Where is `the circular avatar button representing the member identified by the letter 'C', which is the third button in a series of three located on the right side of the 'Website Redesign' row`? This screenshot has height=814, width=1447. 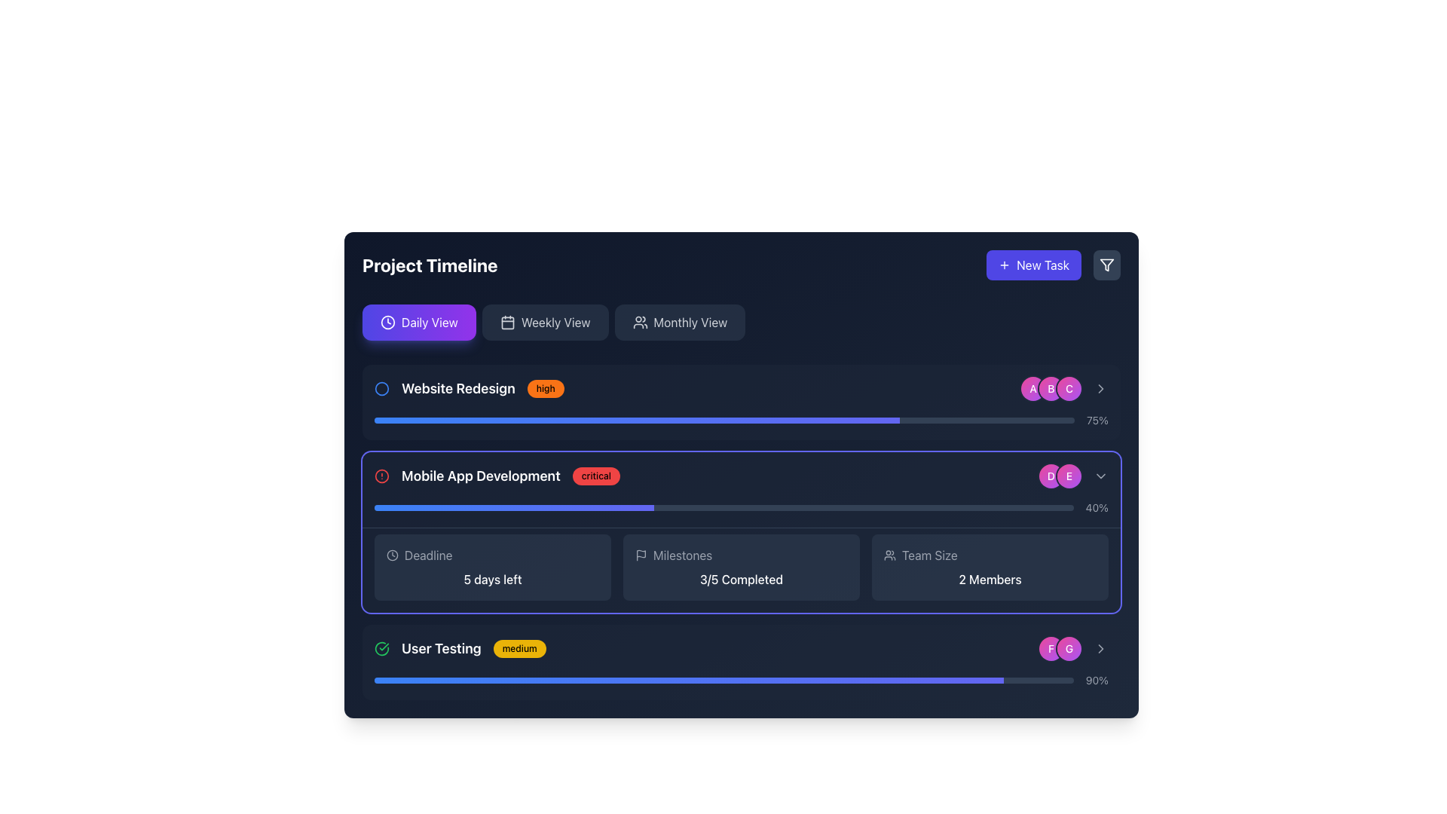
the circular avatar button representing the member identified by the letter 'C', which is the third button in a series of three located on the right side of the 'Website Redesign' row is located at coordinates (1063, 388).